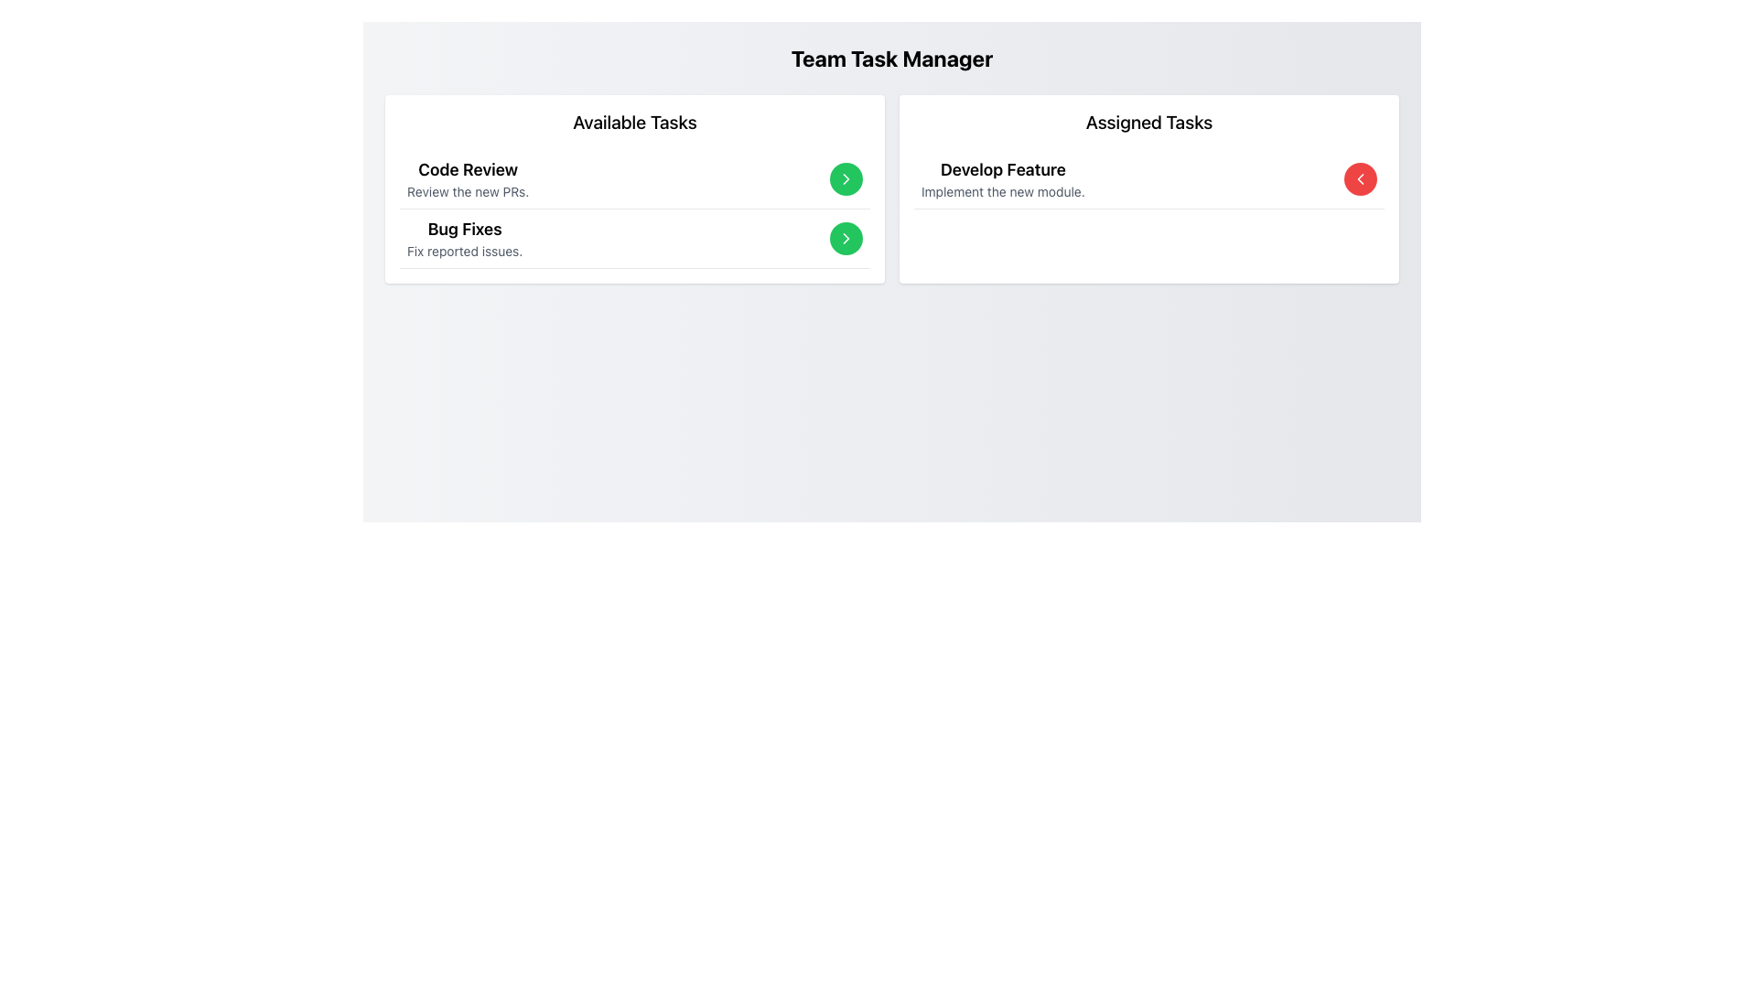  I want to click on the chevron arrow located in the rightmost part of the 'Available Tasks' card associated with the 'Bug Fixes' task to trigger tooltips or visual effects, so click(846, 238).